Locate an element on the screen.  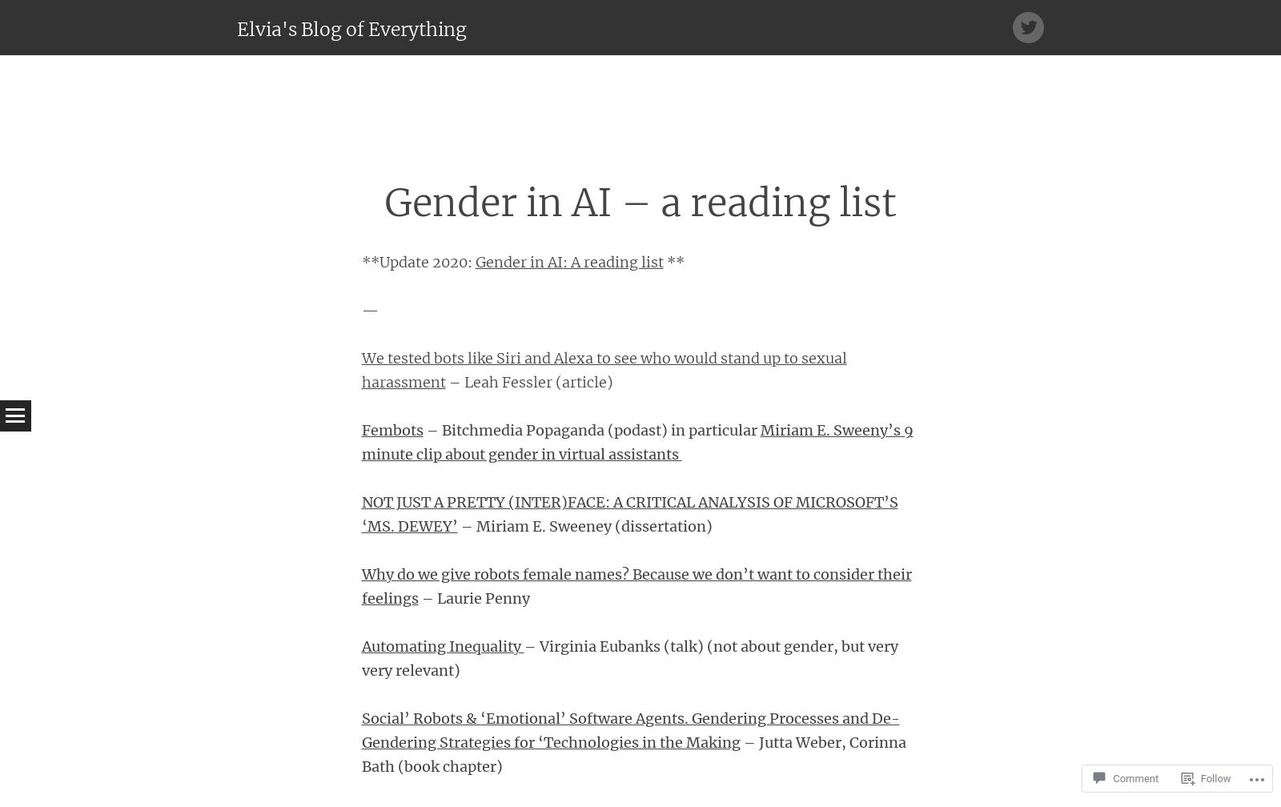
'Follow' is located at coordinates (1215, 778).